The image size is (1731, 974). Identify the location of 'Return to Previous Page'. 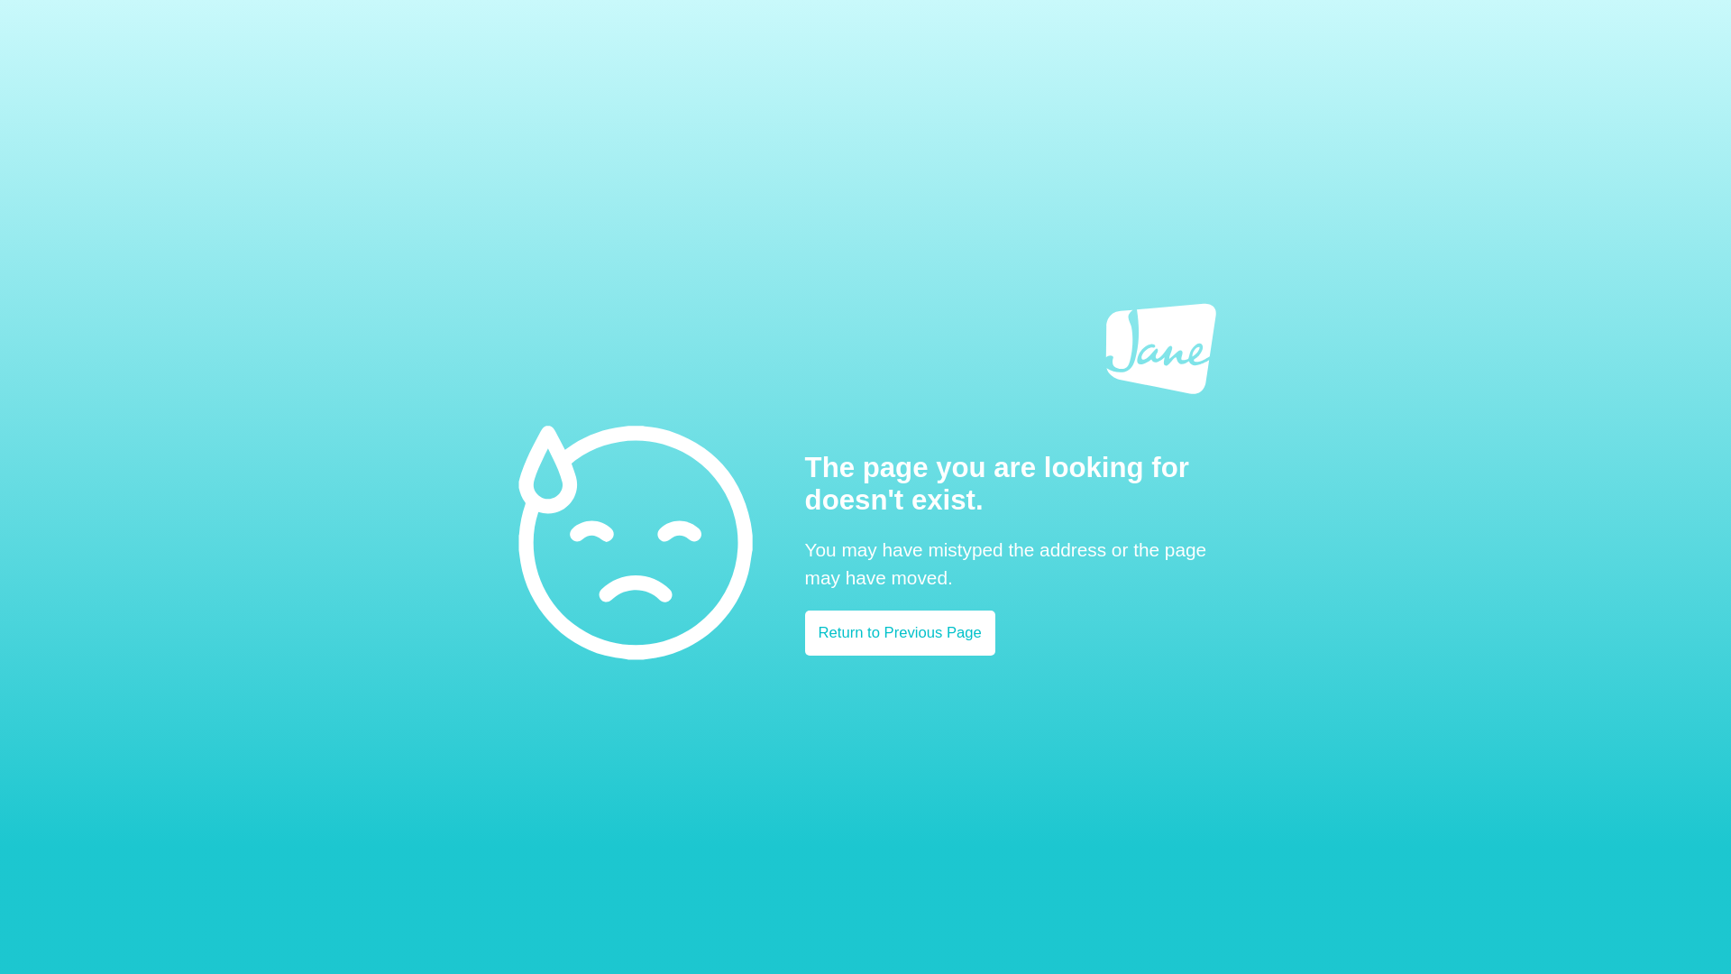
(900, 632).